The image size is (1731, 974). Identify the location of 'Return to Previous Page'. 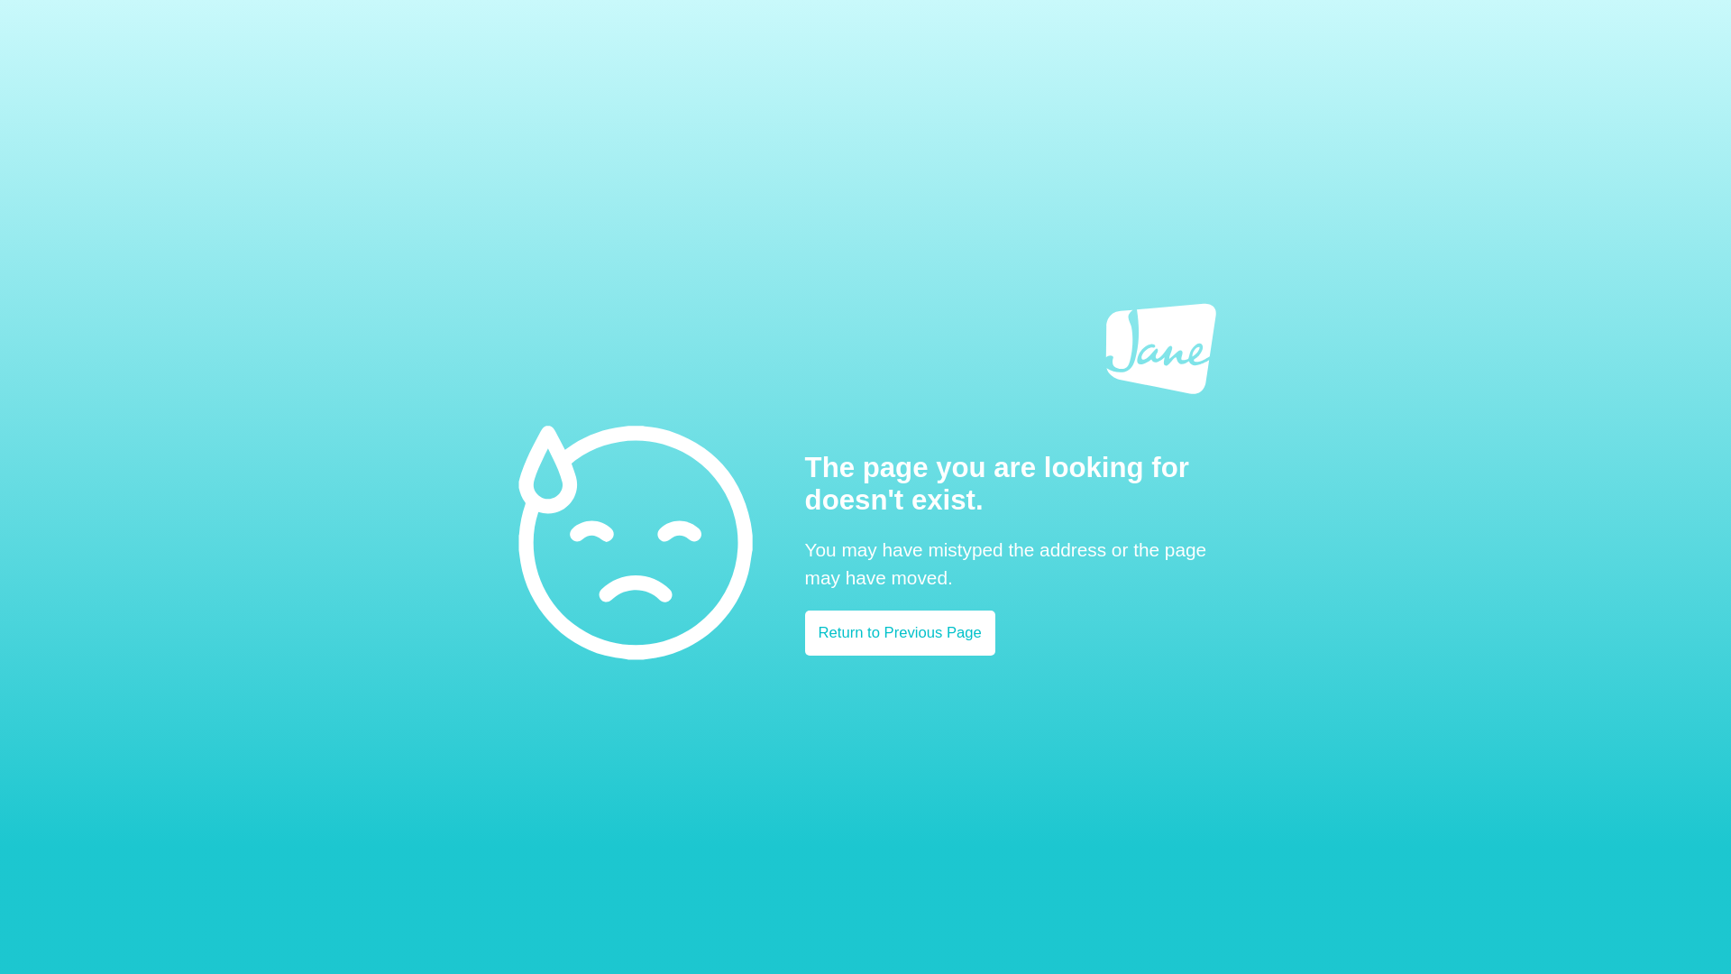
(900, 632).